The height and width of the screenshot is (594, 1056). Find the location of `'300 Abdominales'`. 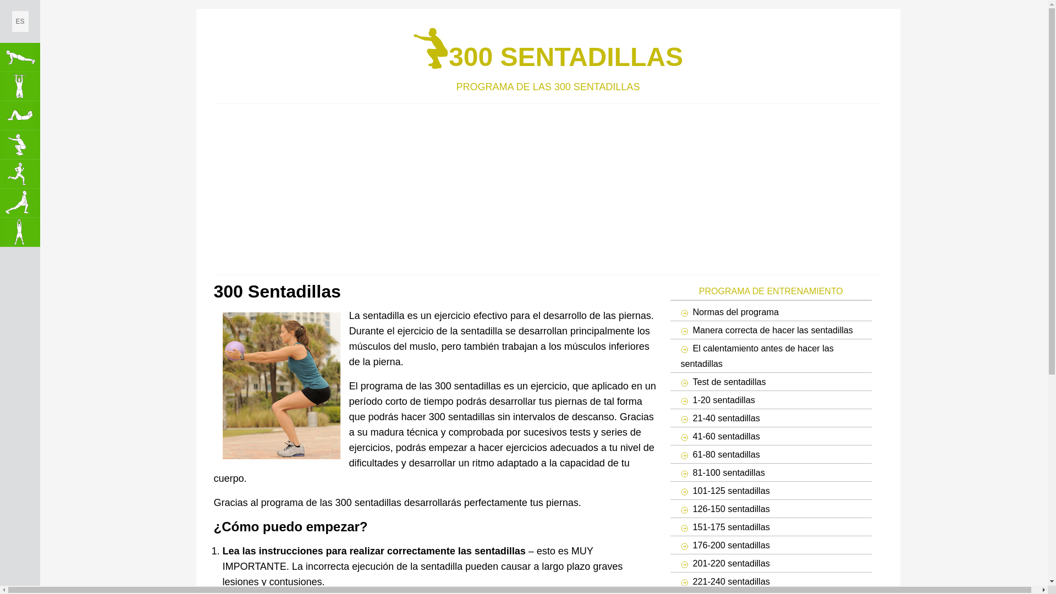

'300 Abdominales' is located at coordinates (20, 116).